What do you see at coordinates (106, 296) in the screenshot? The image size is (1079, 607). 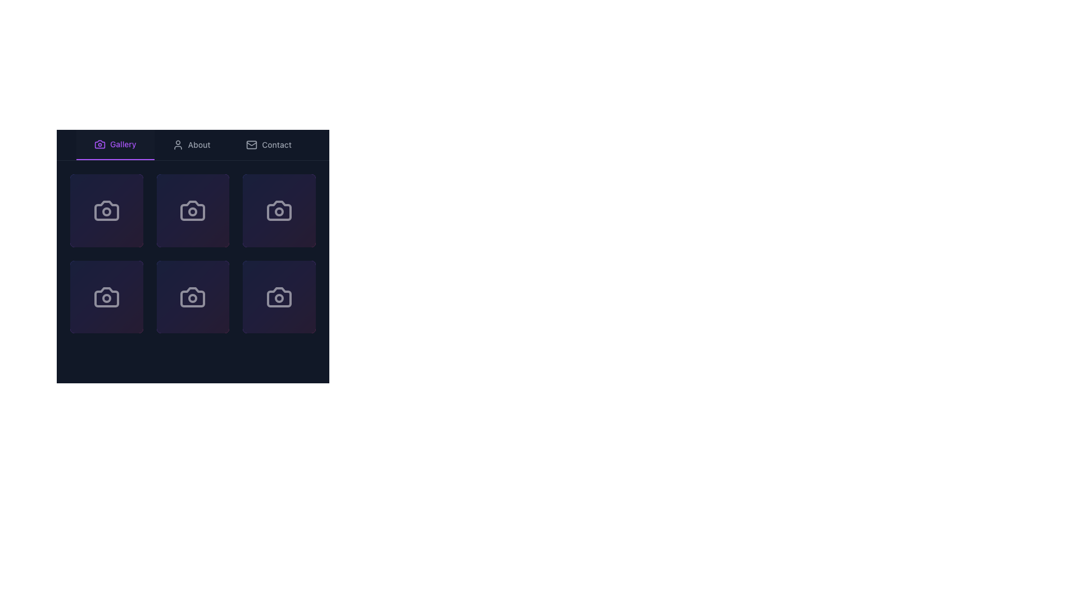 I see `the square UI component with a gradient background and a centered white camera icon to observe animations or visual changes` at bounding box center [106, 296].